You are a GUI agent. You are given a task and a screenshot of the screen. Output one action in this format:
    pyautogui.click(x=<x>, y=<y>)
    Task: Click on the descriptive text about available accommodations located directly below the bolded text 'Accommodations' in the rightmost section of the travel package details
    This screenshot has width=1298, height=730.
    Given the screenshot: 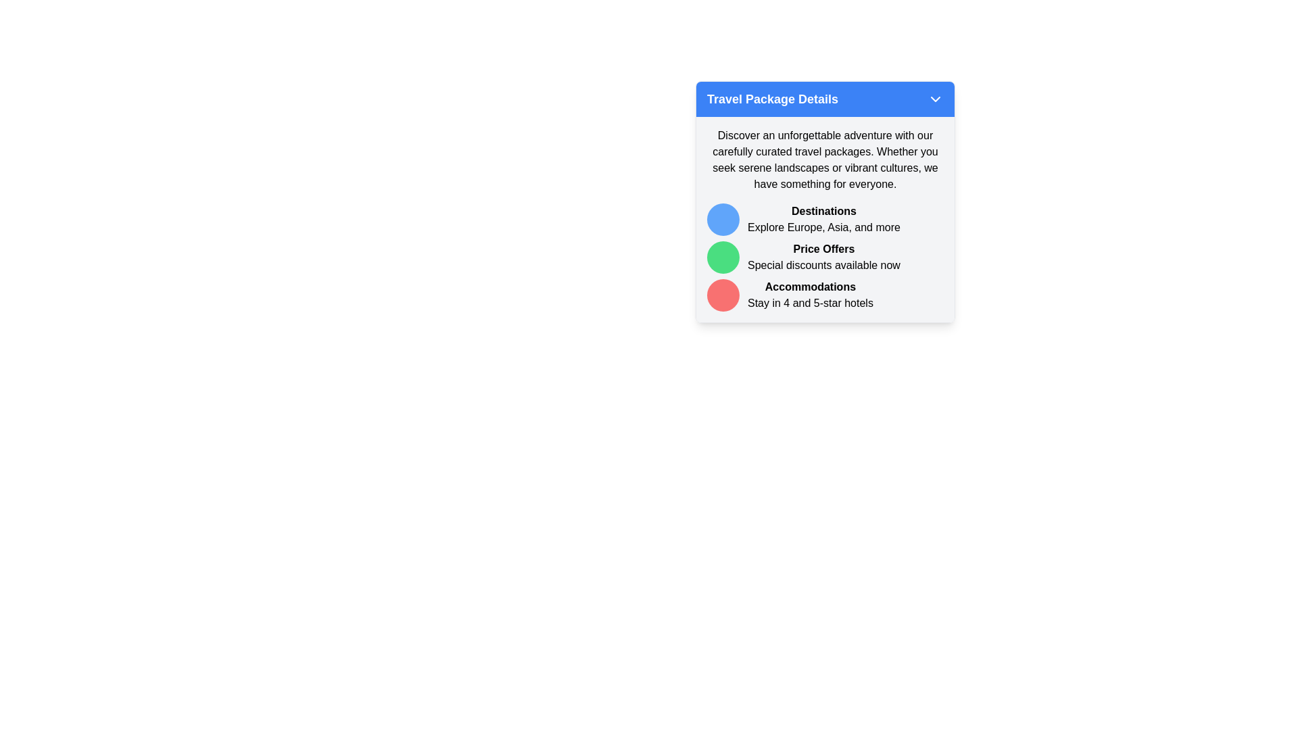 What is the action you would take?
    pyautogui.click(x=811, y=302)
    